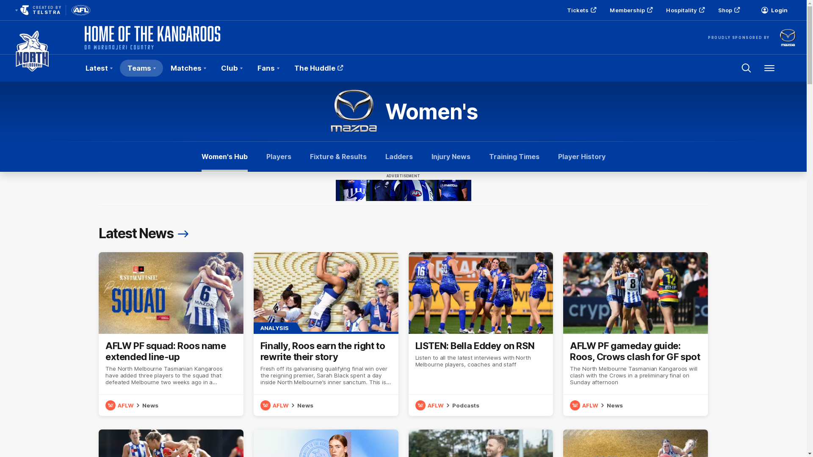 The image size is (813, 457). Describe the element at coordinates (480, 333) in the screenshot. I see `'LISTEN: Bella Eddey on RSN'` at that location.